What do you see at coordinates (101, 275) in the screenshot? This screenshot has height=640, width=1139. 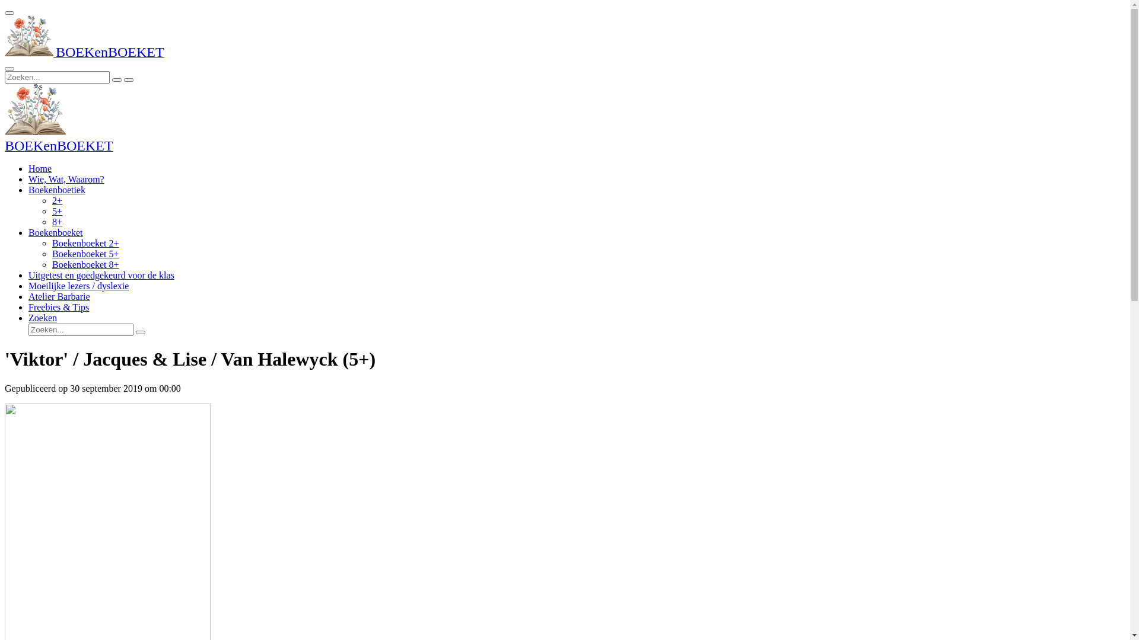 I see `'Uitgetest en goedgekeurd voor de klas'` at bounding box center [101, 275].